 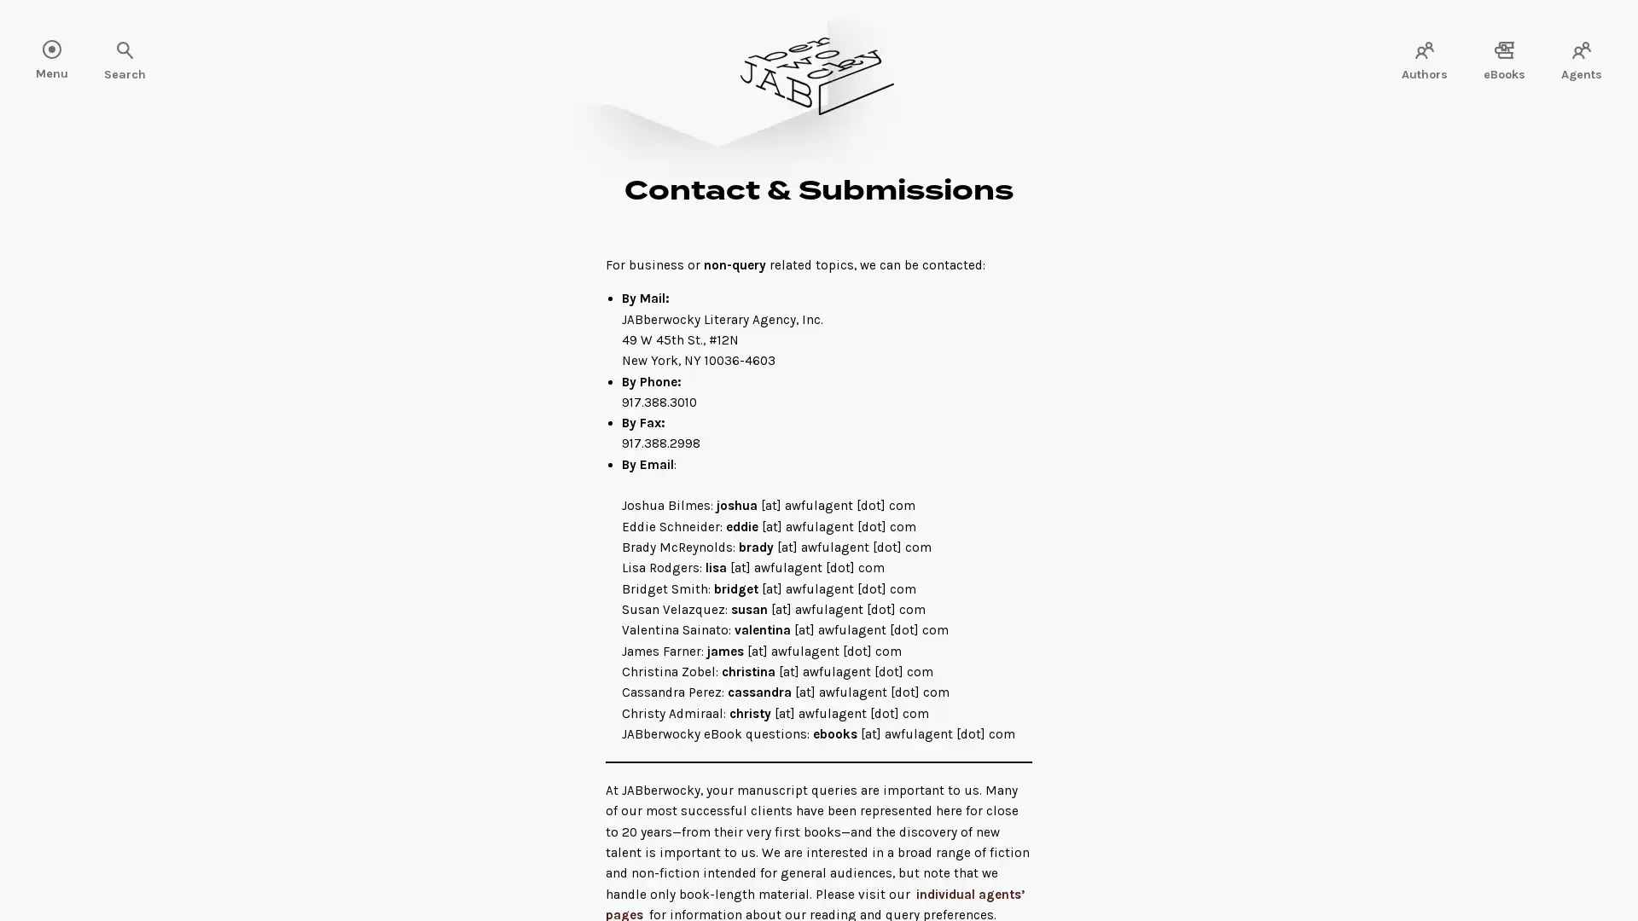 What do you see at coordinates (68, 51) in the screenshot?
I see `Search` at bounding box center [68, 51].